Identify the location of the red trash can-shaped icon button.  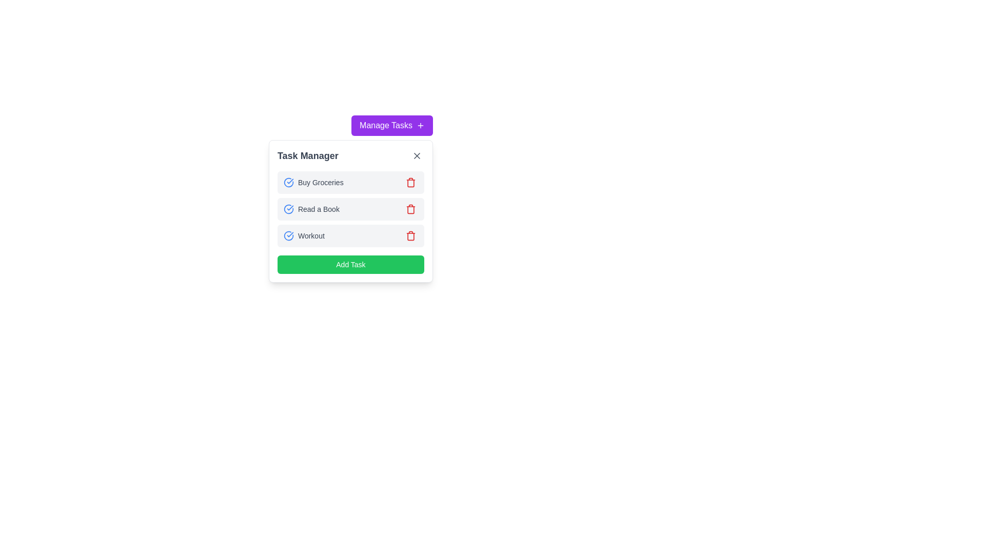
(411, 235).